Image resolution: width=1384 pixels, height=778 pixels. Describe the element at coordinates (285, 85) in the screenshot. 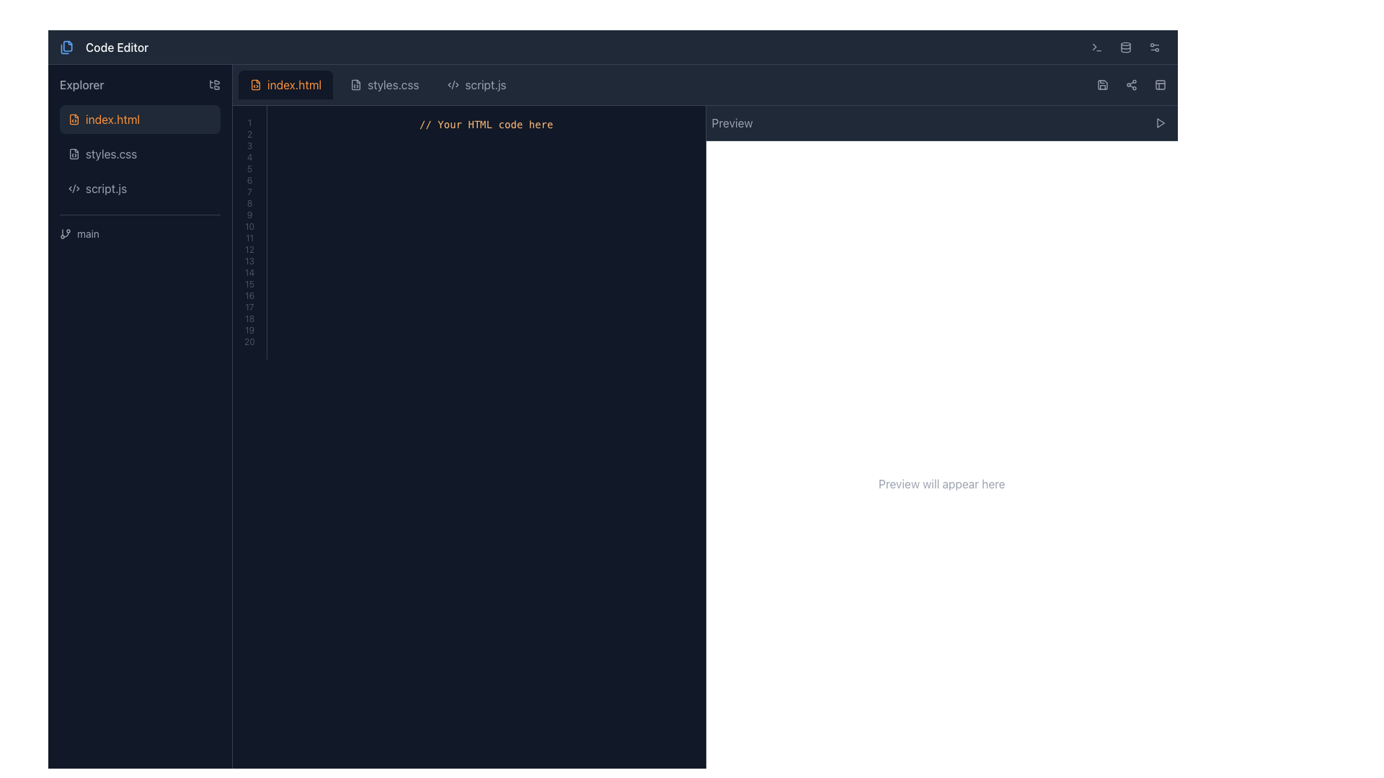

I see `the first tab` at that location.